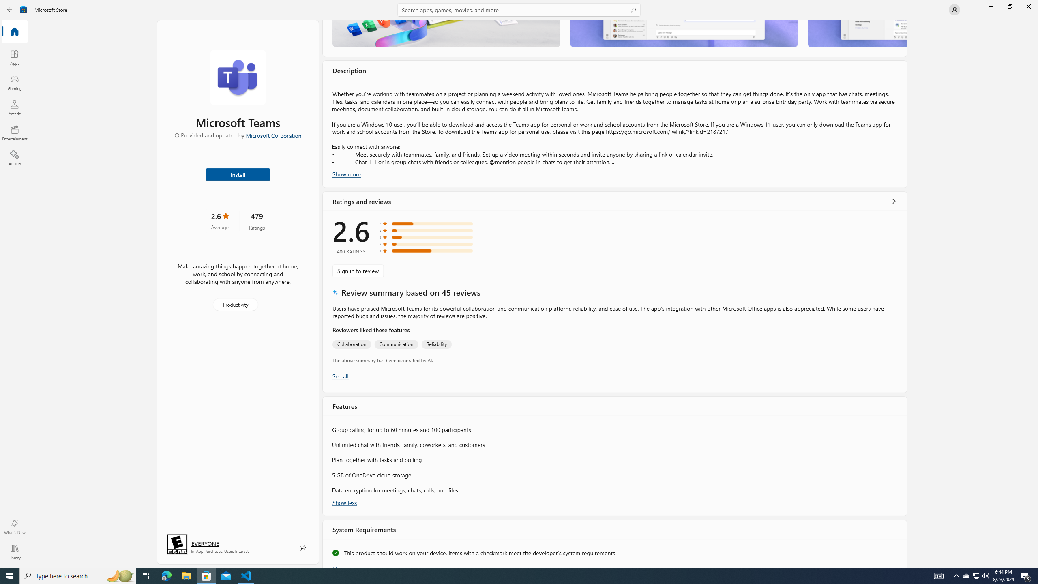 The width and height of the screenshot is (1038, 584). Describe the element at coordinates (358, 270) in the screenshot. I see `'Sign in to review'` at that location.